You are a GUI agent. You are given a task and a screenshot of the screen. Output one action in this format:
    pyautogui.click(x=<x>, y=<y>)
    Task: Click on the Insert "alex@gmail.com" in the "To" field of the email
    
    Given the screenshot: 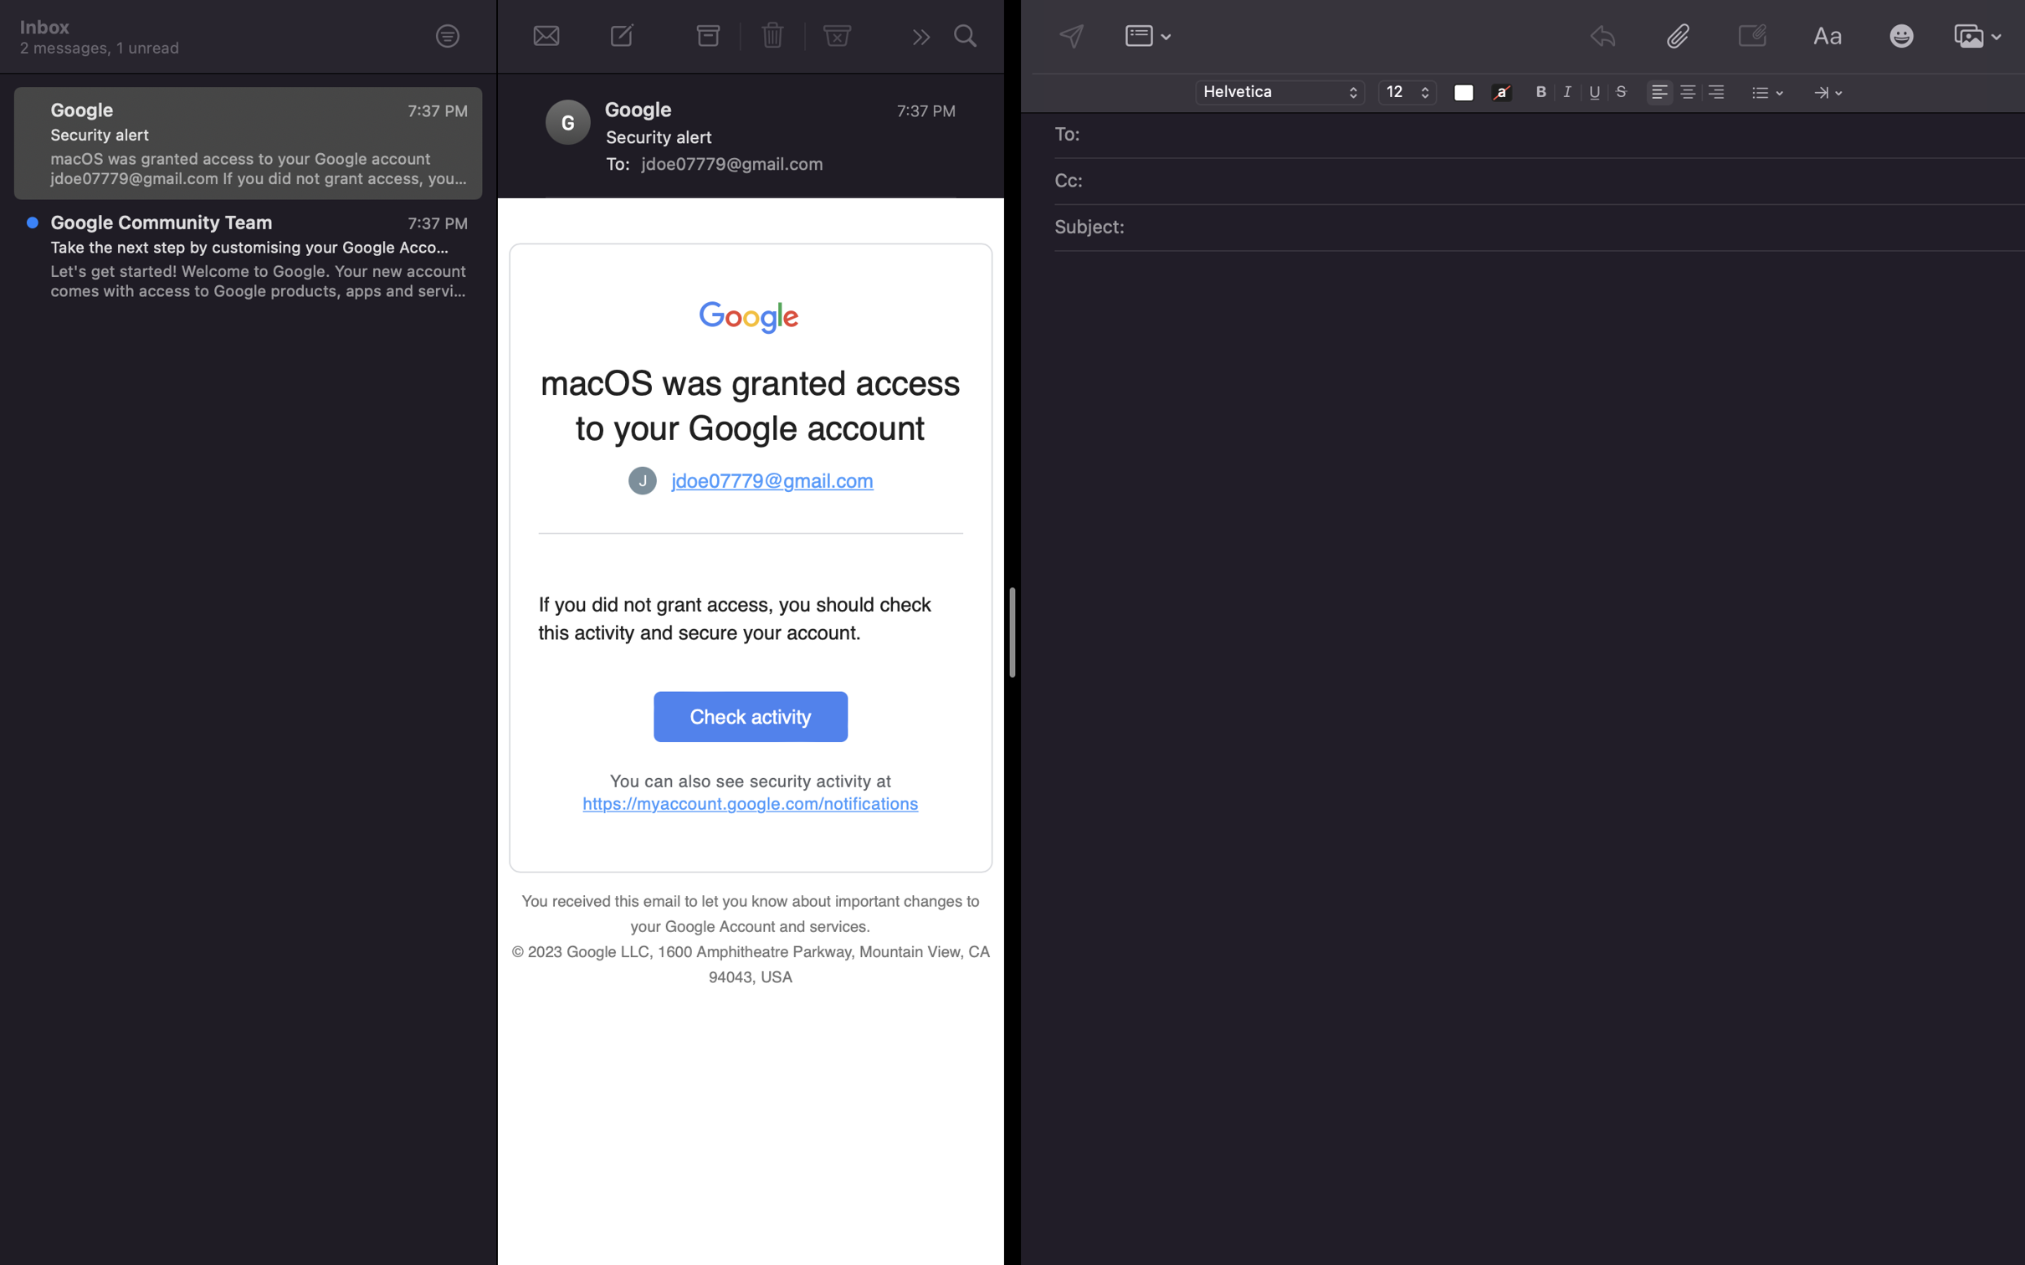 What is the action you would take?
    pyautogui.click(x=1551, y=136)
    